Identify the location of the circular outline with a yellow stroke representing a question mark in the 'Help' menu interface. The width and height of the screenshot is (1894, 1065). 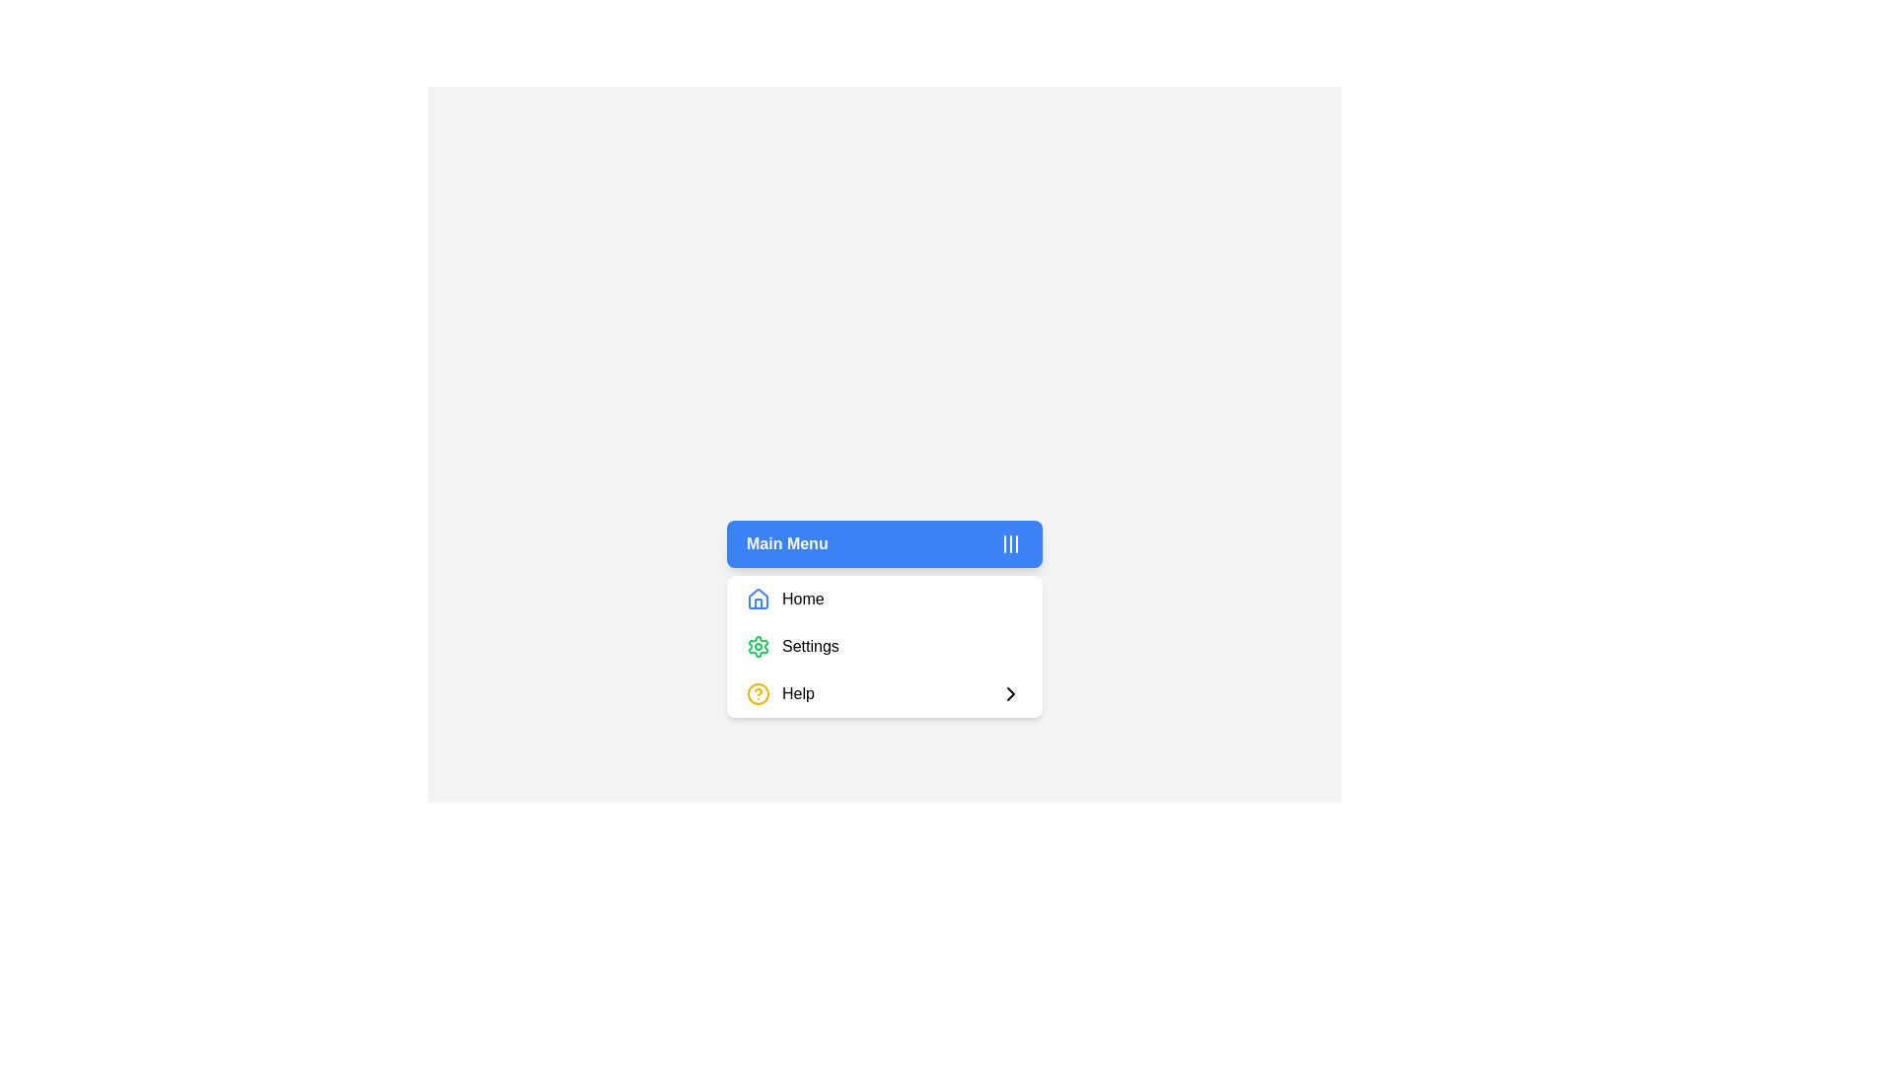
(757, 693).